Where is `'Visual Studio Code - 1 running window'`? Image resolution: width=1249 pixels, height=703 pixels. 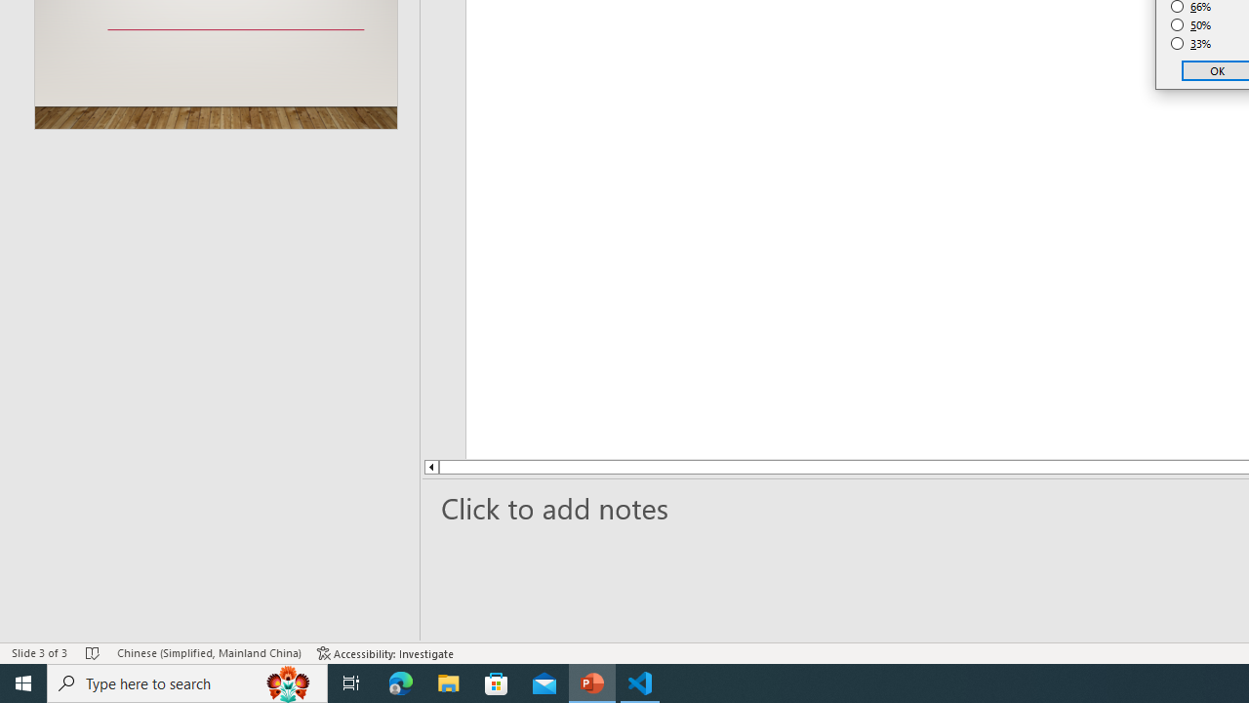 'Visual Studio Code - 1 running window' is located at coordinates (640, 682).